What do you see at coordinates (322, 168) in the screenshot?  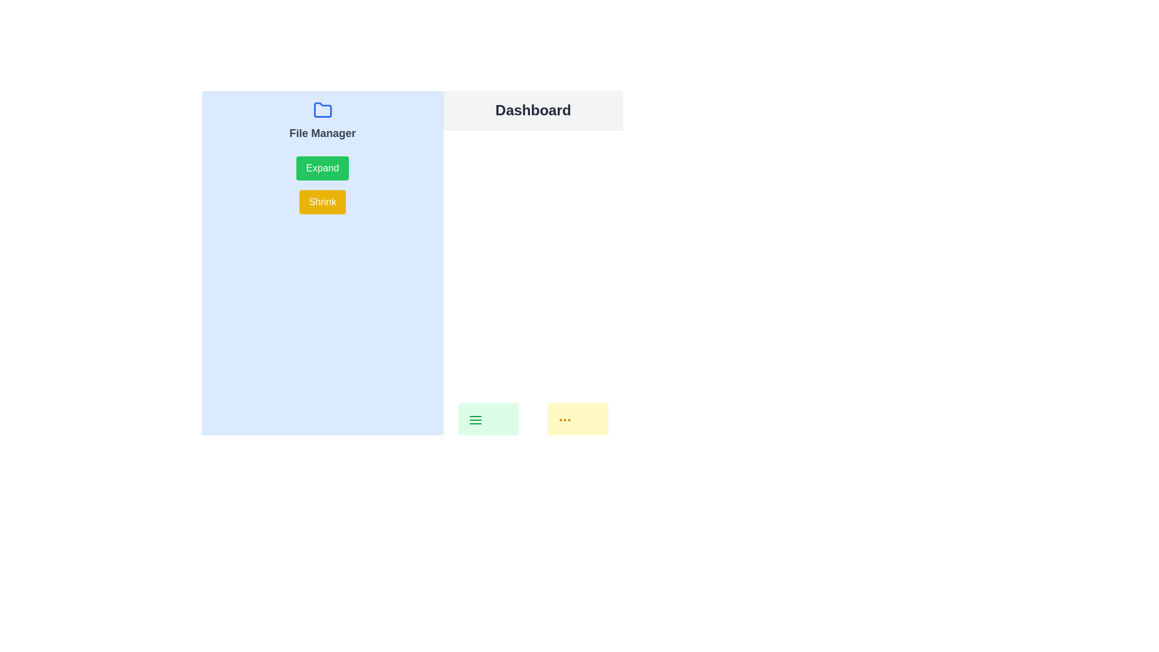 I see `the 'Expand' button located in the 'File Manager' section of the sidebar` at bounding box center [322, 168].